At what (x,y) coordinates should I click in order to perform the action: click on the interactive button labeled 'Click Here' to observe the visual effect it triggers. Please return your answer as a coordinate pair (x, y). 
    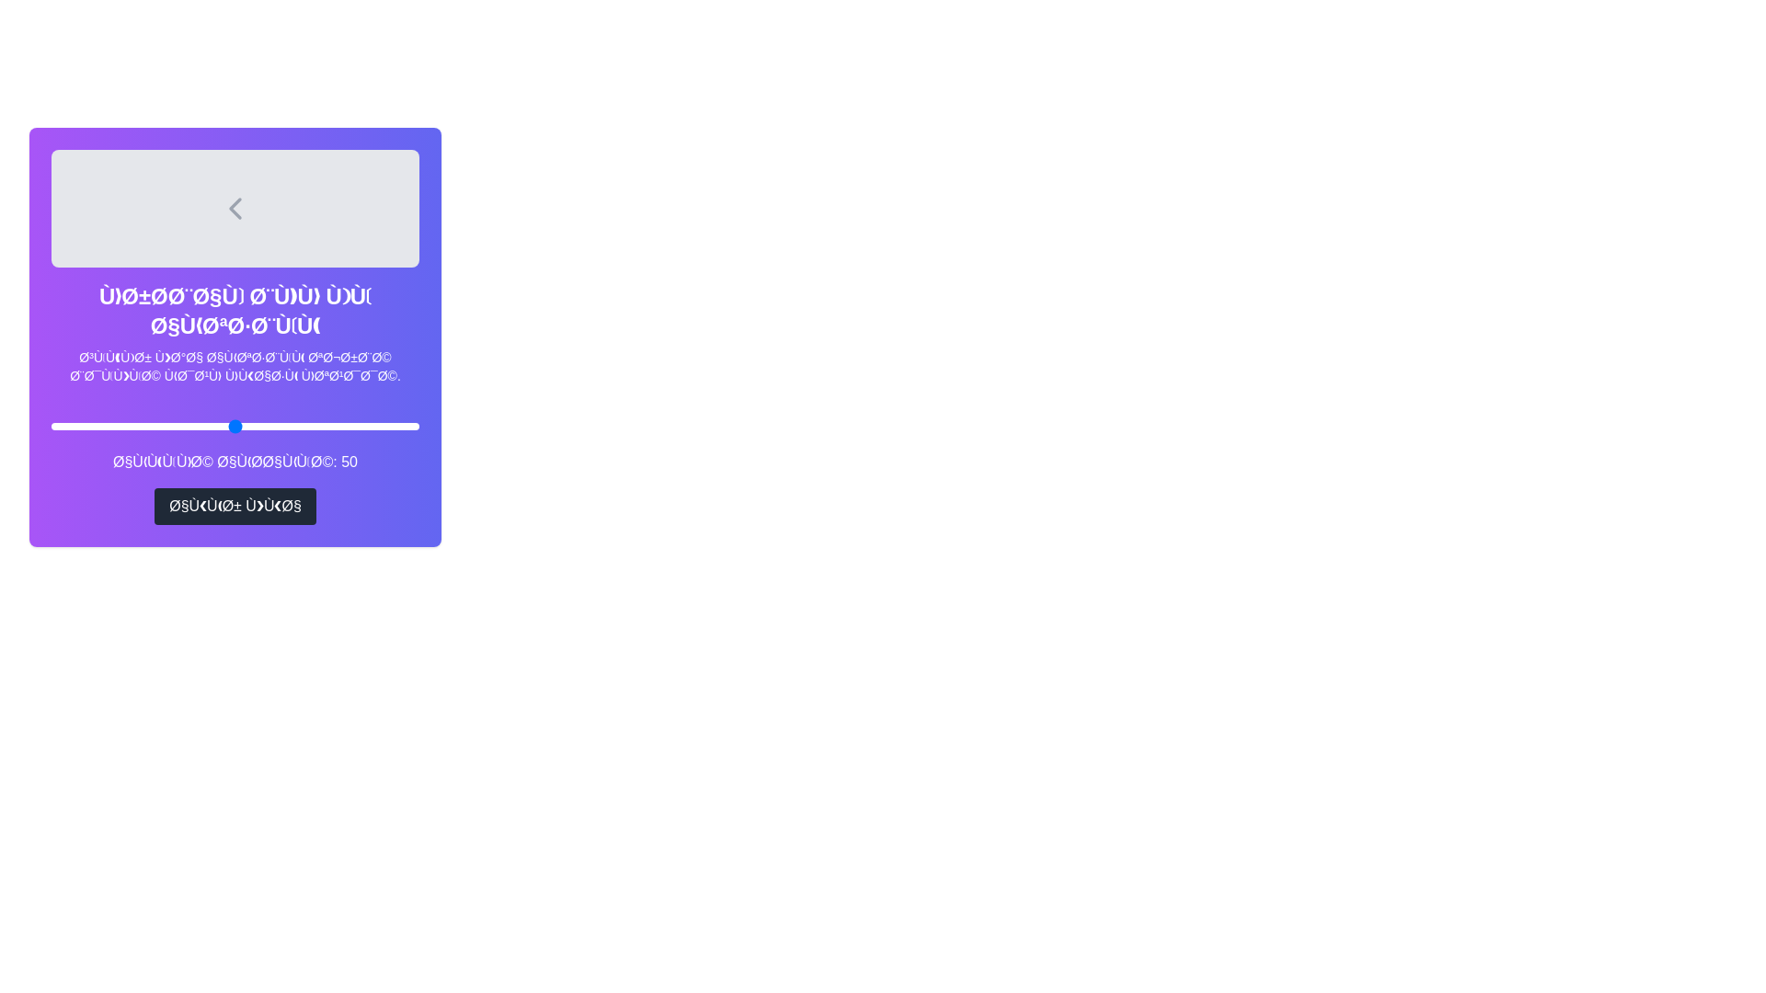
    Looking at the image, I should click on (234, 507).